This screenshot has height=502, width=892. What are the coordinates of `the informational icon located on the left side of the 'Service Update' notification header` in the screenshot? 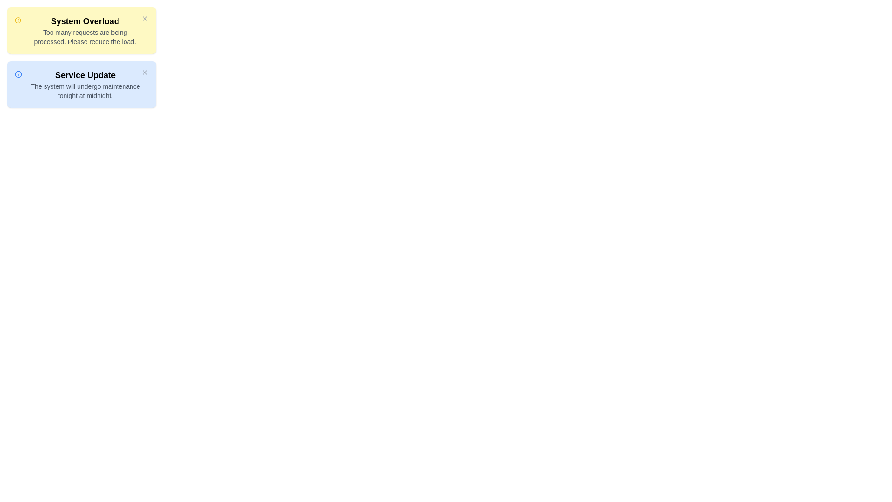 It's located at (19, 73).